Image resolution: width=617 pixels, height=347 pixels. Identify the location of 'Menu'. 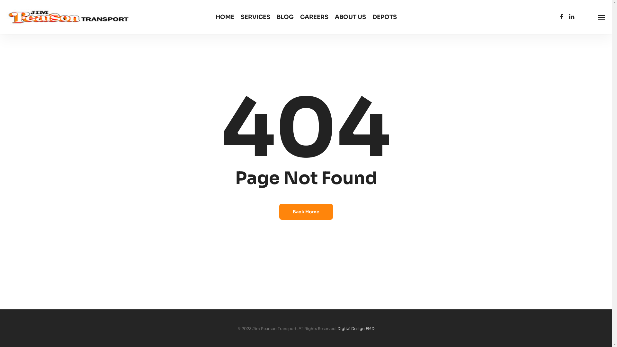
(601, 17).